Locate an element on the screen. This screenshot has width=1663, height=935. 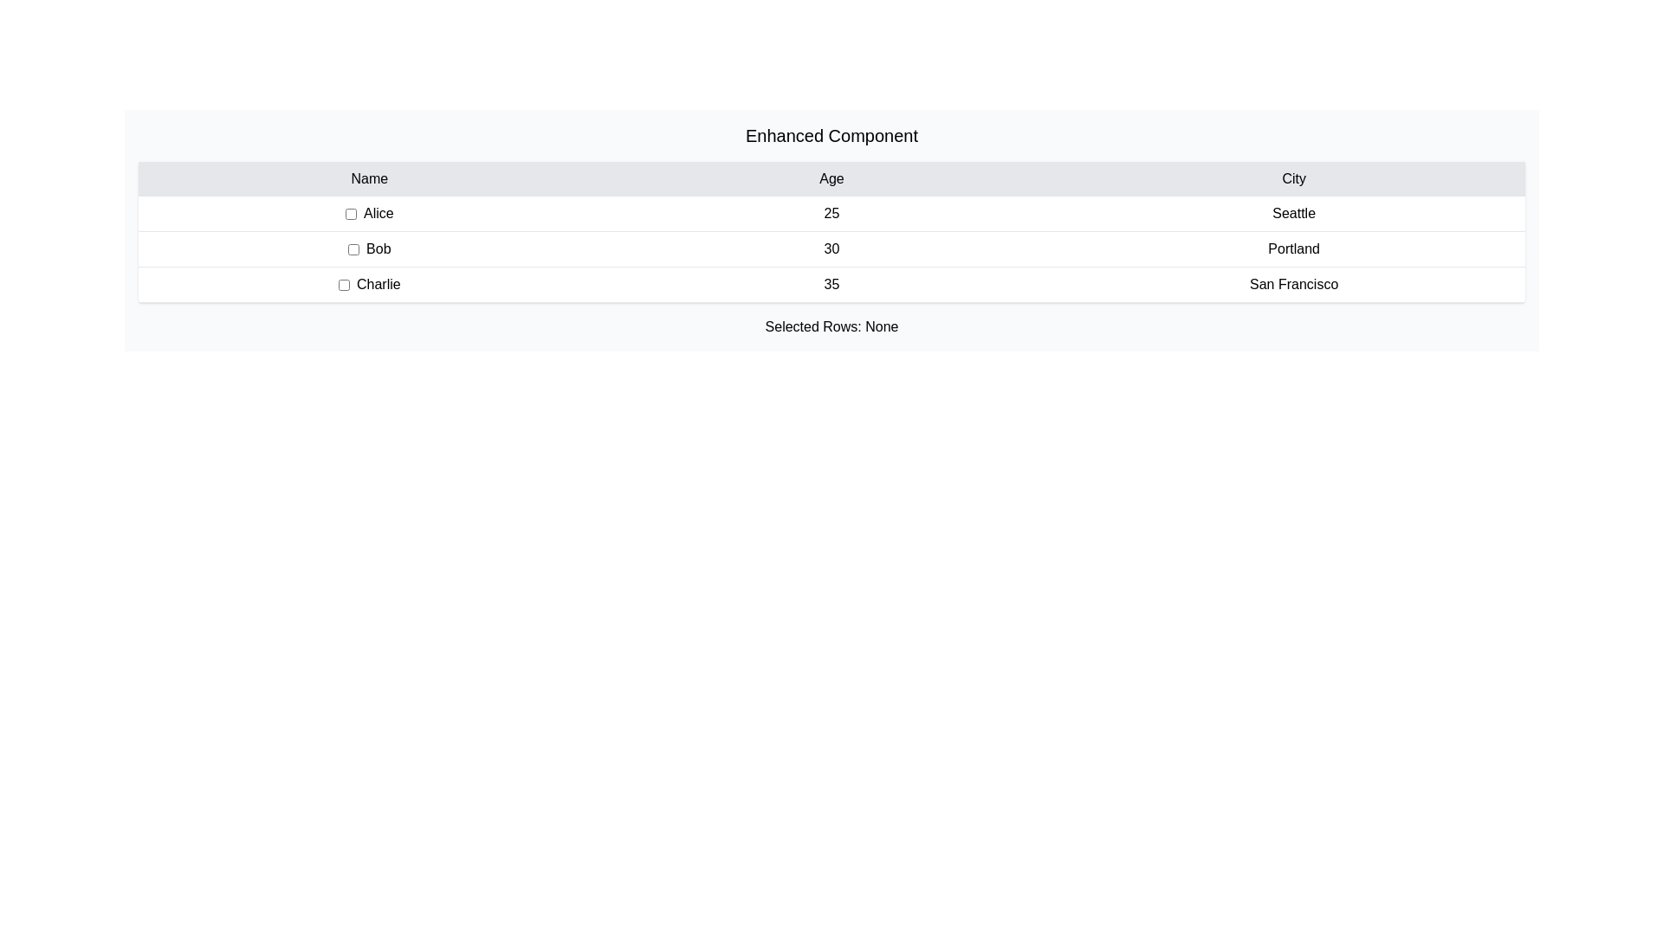
the second row is located at coordinates (831, 249).